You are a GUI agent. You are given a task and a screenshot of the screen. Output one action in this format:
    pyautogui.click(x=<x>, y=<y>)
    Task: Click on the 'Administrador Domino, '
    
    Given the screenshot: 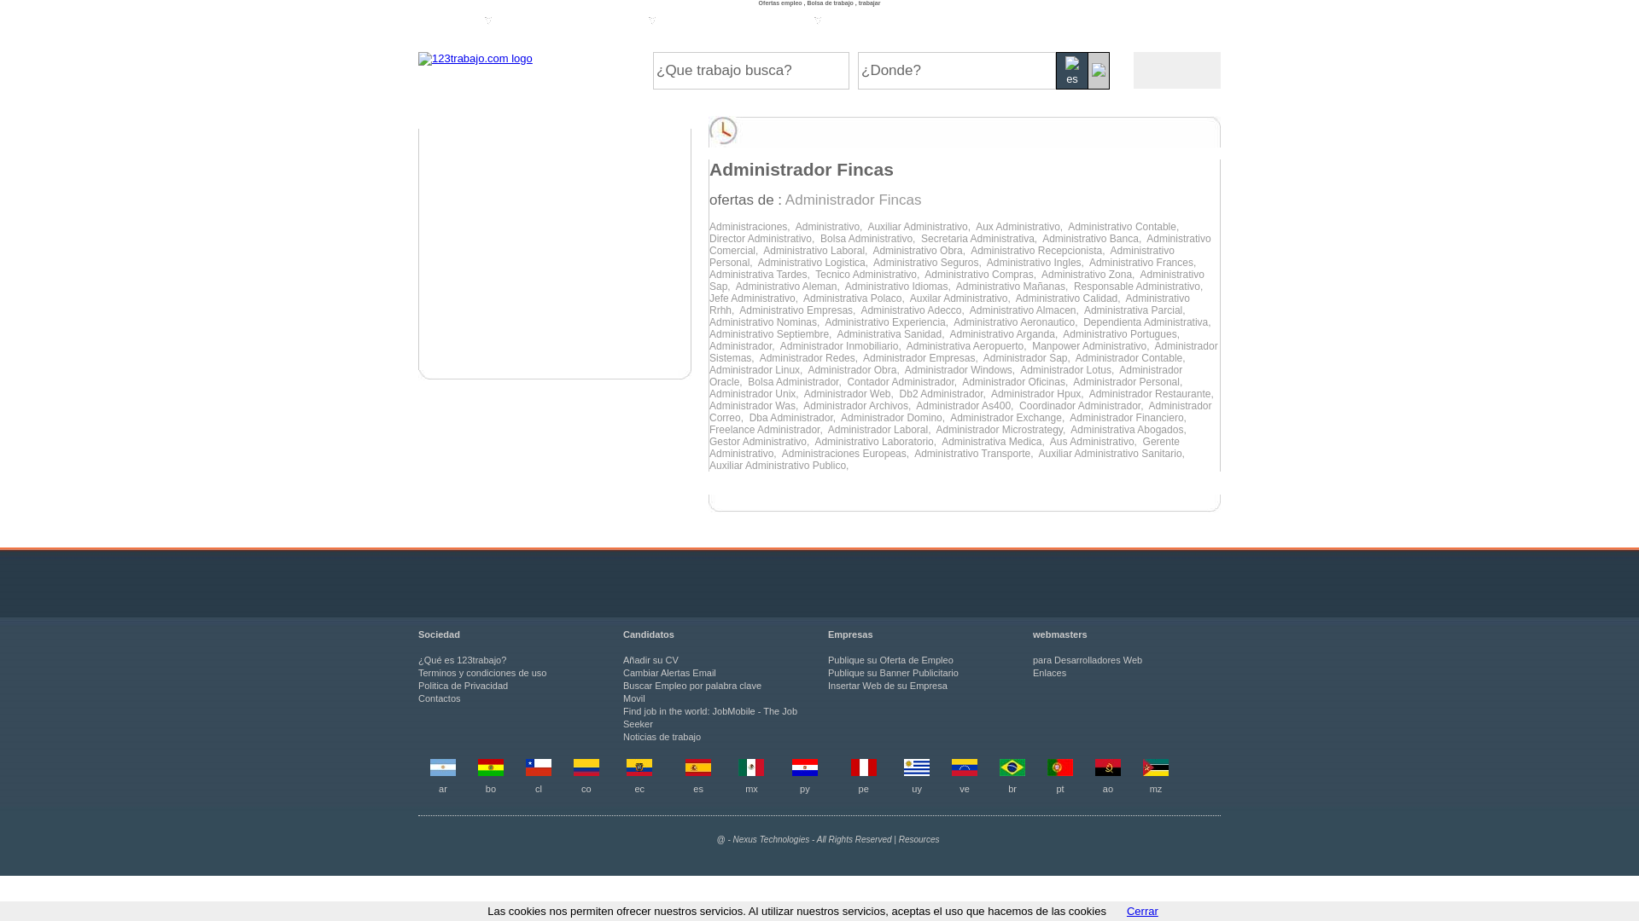 What is the action you would take?
    pyautogui.click(x=895, y=417)
    